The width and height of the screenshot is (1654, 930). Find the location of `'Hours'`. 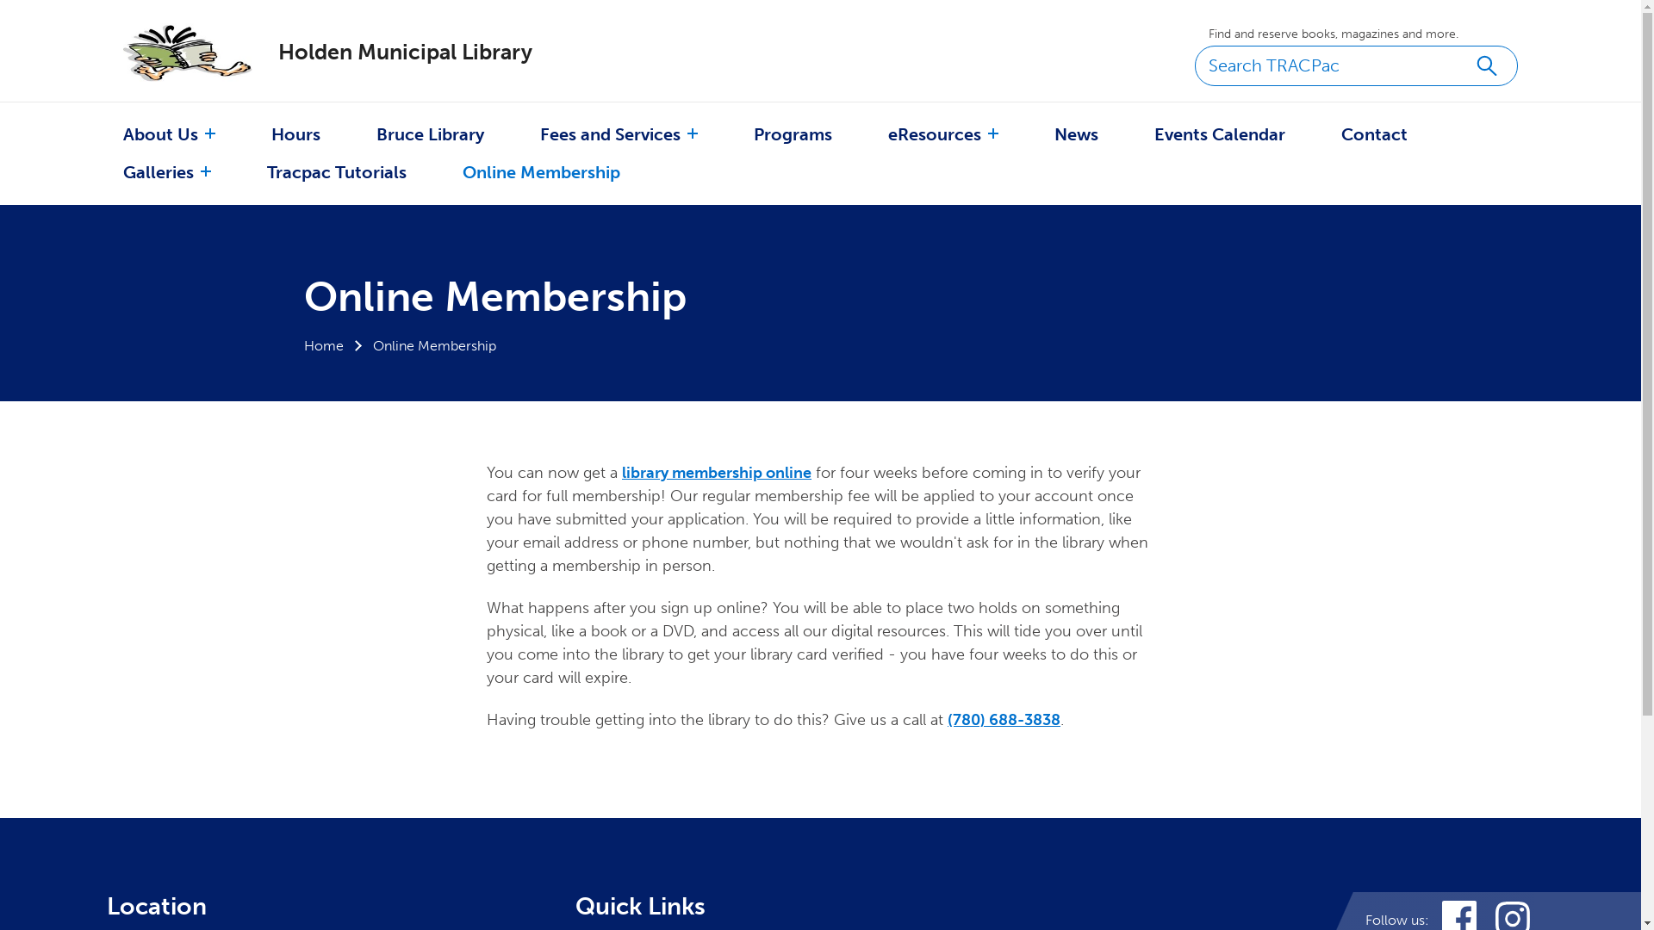

'Hours' is located at coordinates (295, 133).